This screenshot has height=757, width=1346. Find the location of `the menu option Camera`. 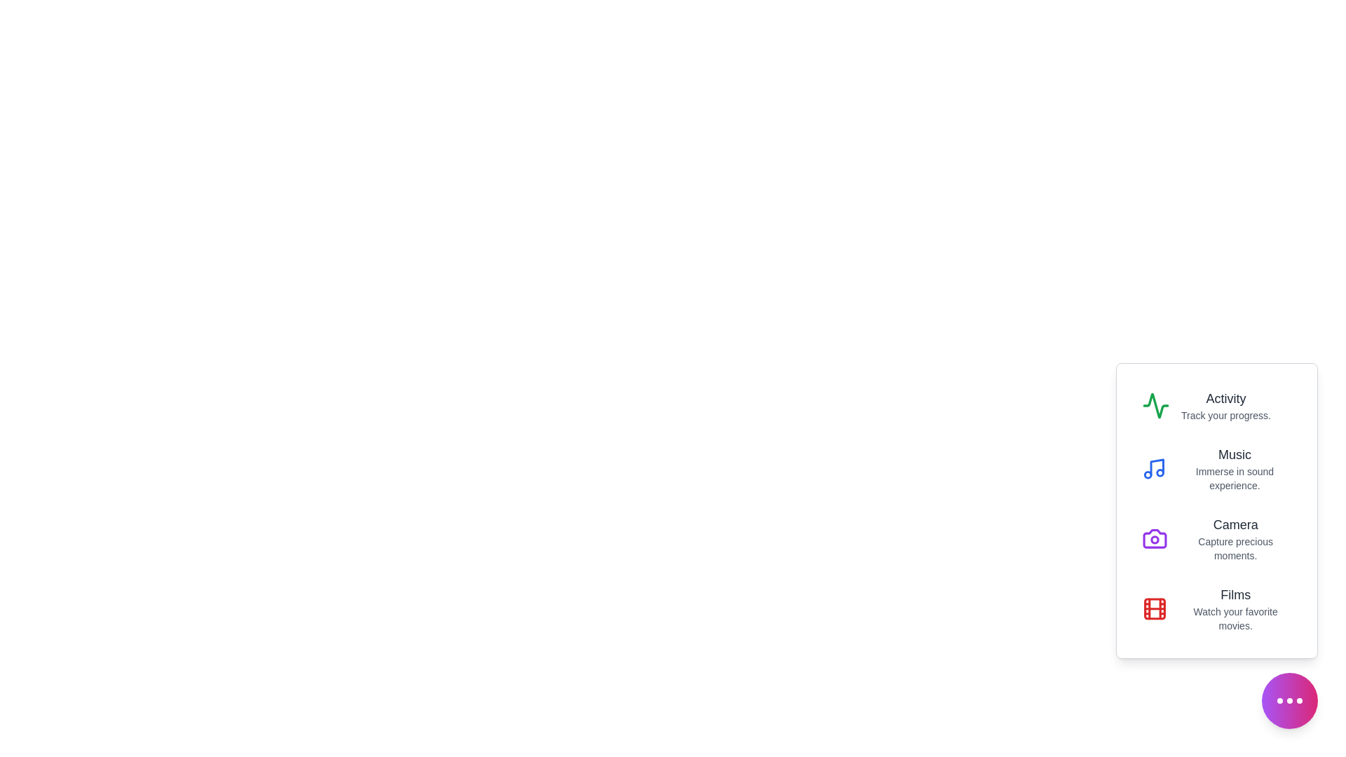

the menu option Camera is located at coordinates (1216, 538).